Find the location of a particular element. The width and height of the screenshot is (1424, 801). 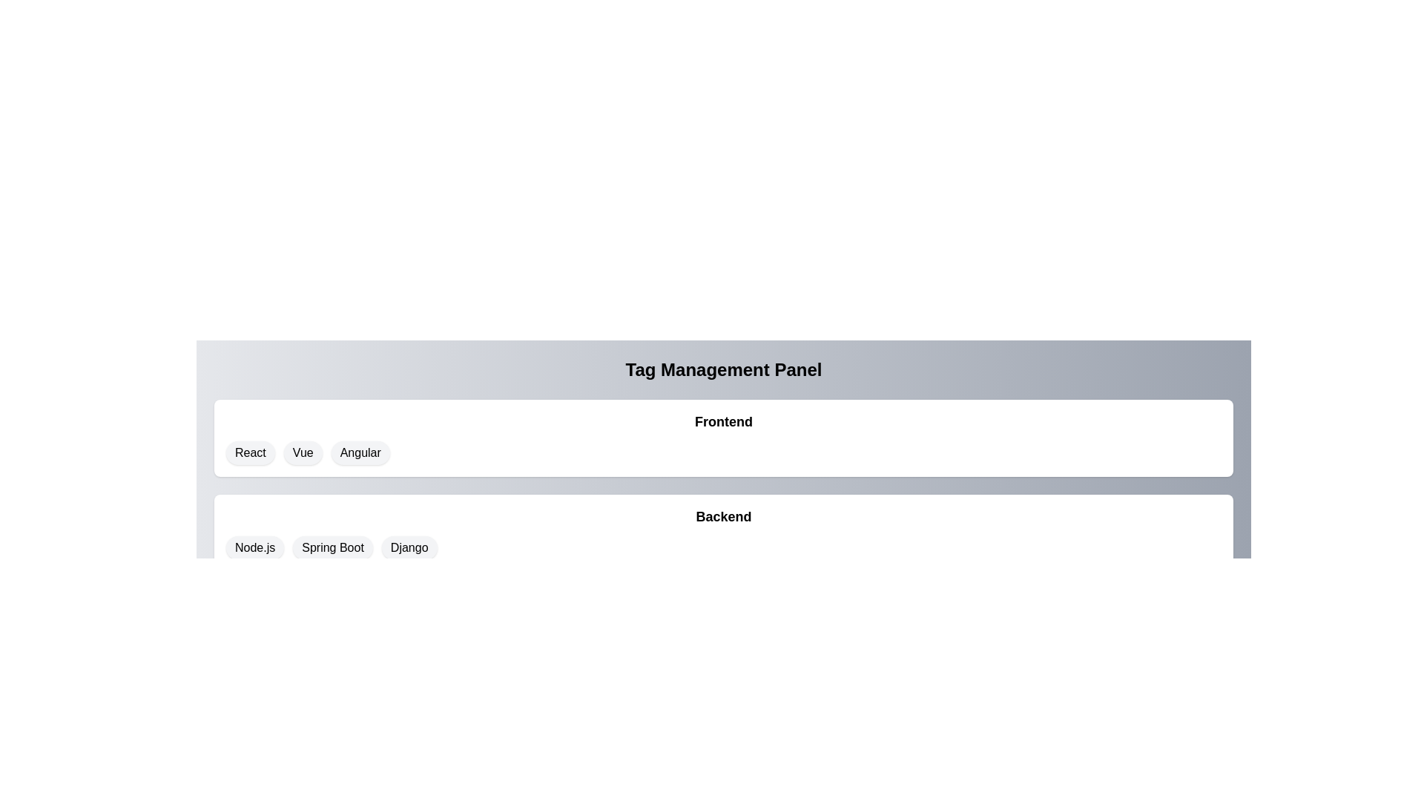

the pill-shaped button labeled 'Angular' is located at coordinates (360, 452).